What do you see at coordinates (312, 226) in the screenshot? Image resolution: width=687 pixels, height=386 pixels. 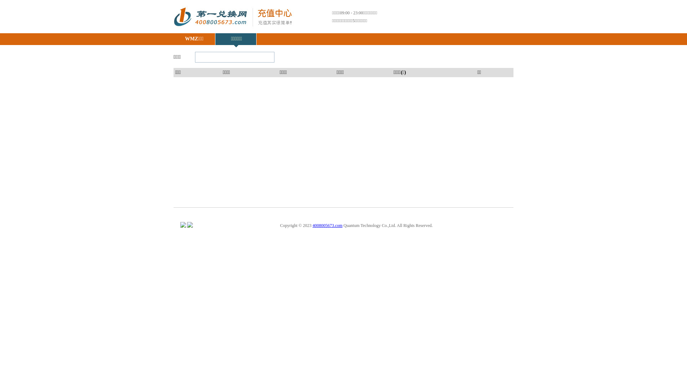 I see `'4008005673.com'` at bounding box center [312, 226].